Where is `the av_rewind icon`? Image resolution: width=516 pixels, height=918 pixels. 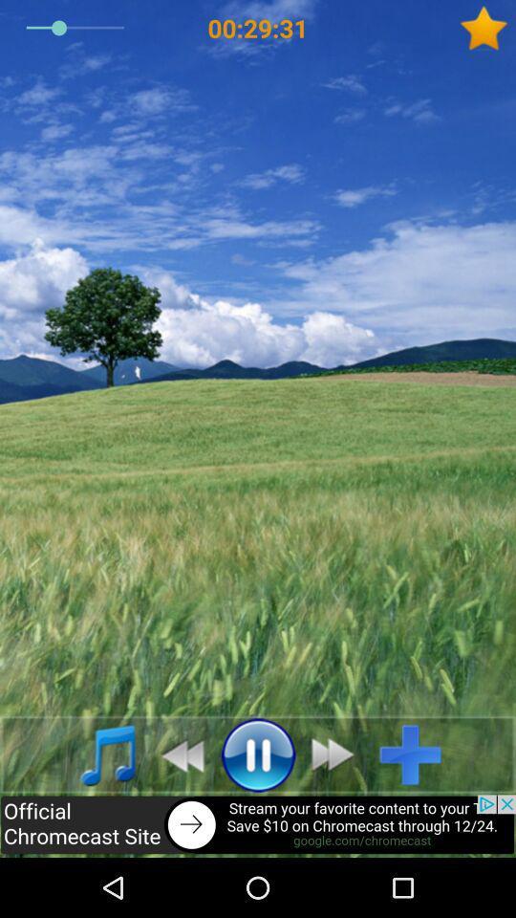
the av_rewind icon is located at coordinates (177, 754).